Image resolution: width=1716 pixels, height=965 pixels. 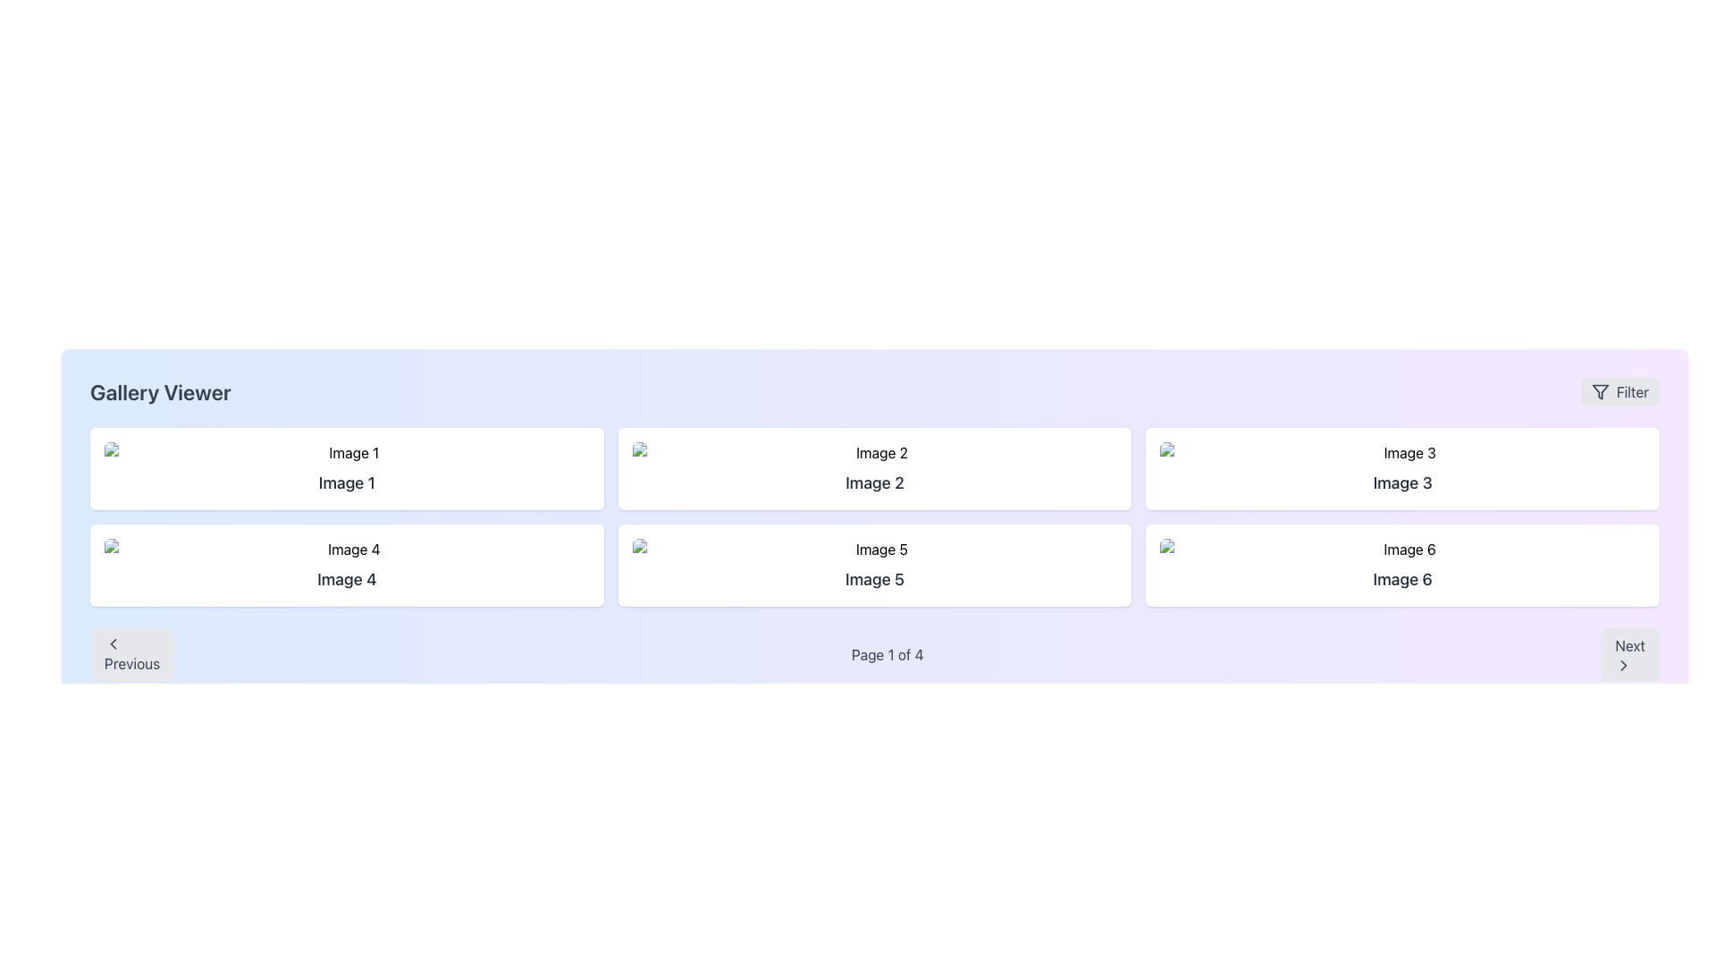 I want to click on the second card in the grid layout, which has a white background, rounded corners, and contains an image placeholder with 'Image 2' text displayed below it, so click(x=875, y=467).